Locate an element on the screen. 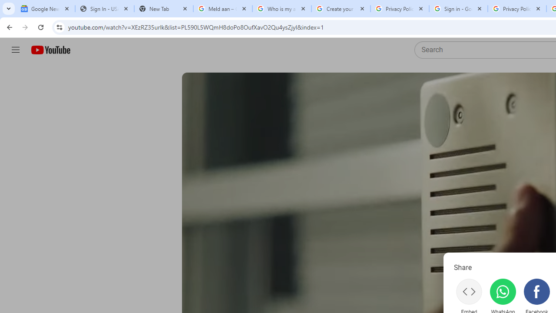 The image size is (556, 313). 'YouTube Home' is located at coordinates (50, 50).